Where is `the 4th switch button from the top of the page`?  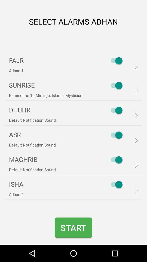
the 4th switch button from the top of the page is located at coordinates (115, 135).